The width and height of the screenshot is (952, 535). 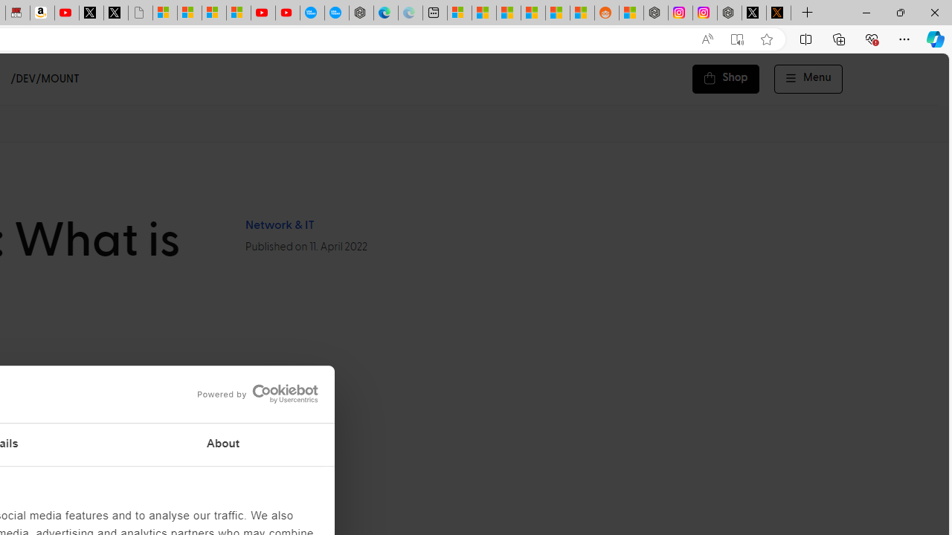 What do you see at coordinates (726, 79) in the screenshot?
I see `'Shop'` at bounding box center [726, 79].